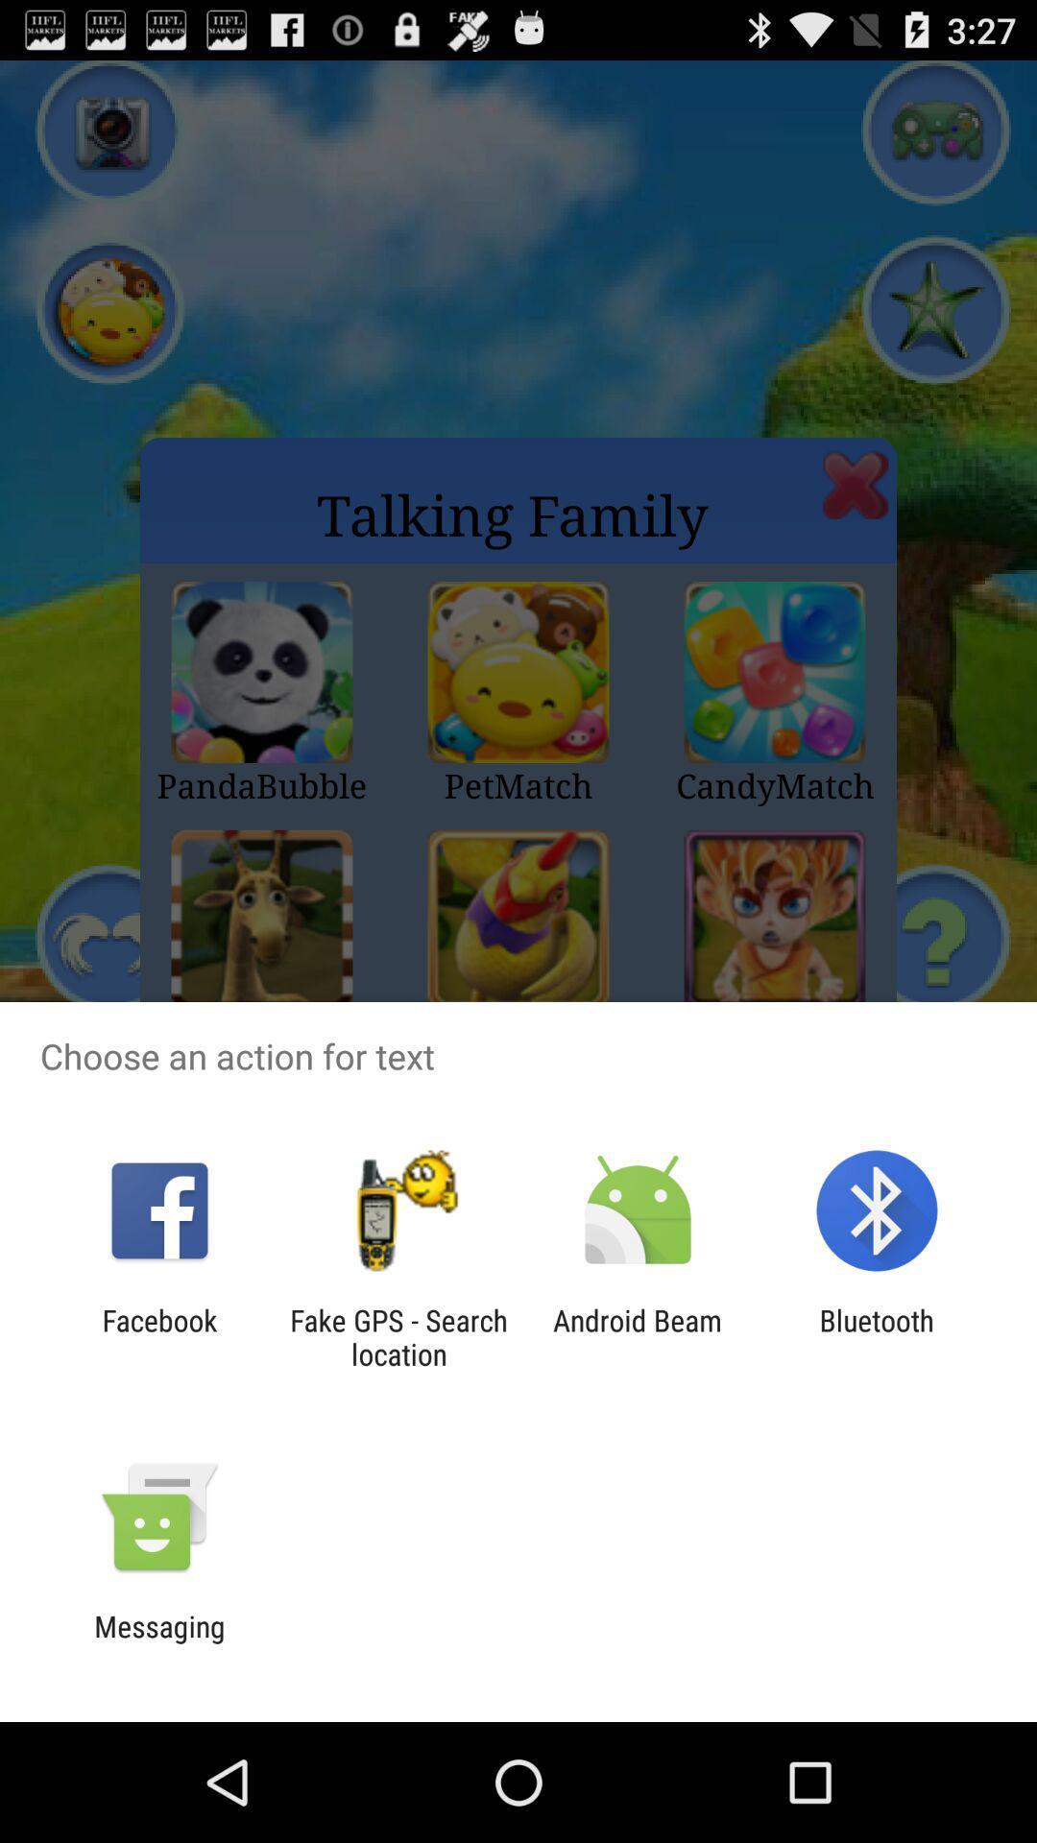 This screenshot has width=1037, height=1843. Describe the element at coordinates (877, 1336) in the screenshot. I see `the bluetooth` at that location.